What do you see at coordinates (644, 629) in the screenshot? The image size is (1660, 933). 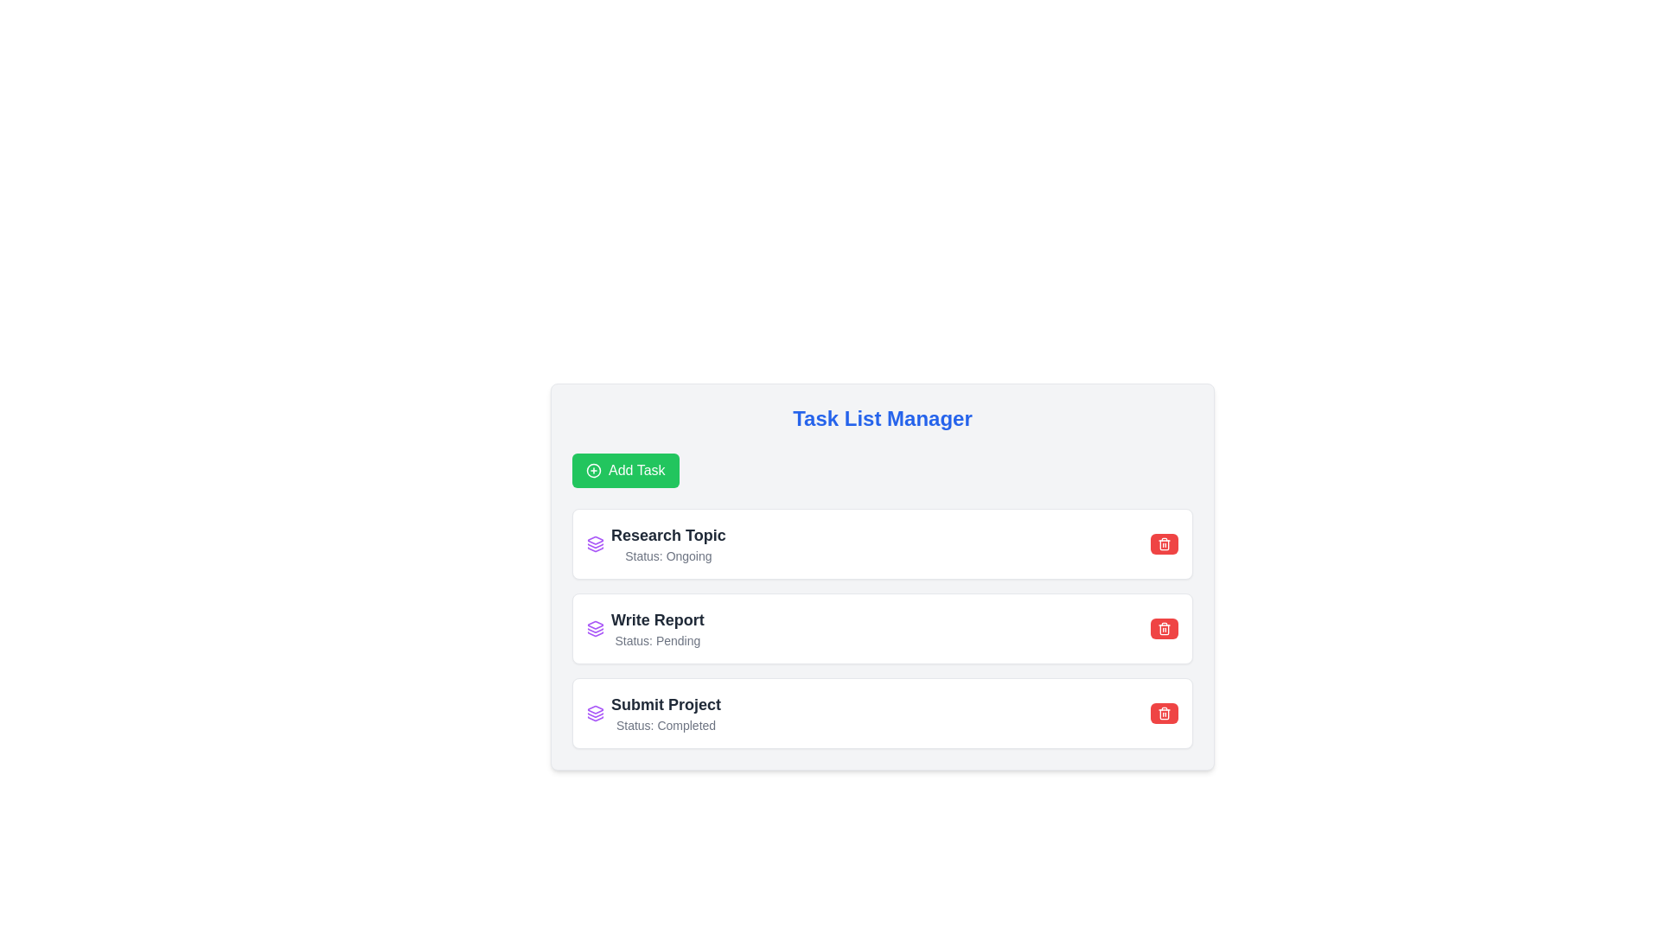 I see `the element labeled 'Write Report' with an icon of a stack of layers, which is the second item in a vertical list, positioned below 'Research Topic' and above 'Submit Project'` at bounding box center [644, 629].